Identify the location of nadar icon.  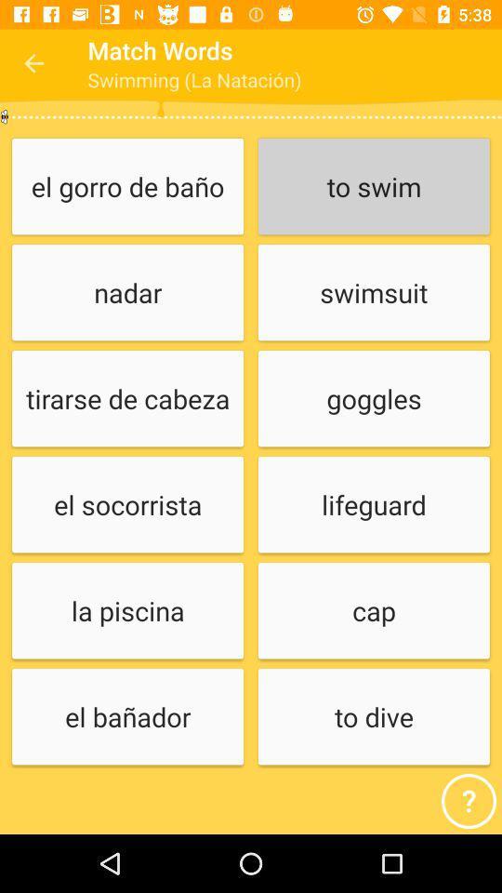
(126, 293).